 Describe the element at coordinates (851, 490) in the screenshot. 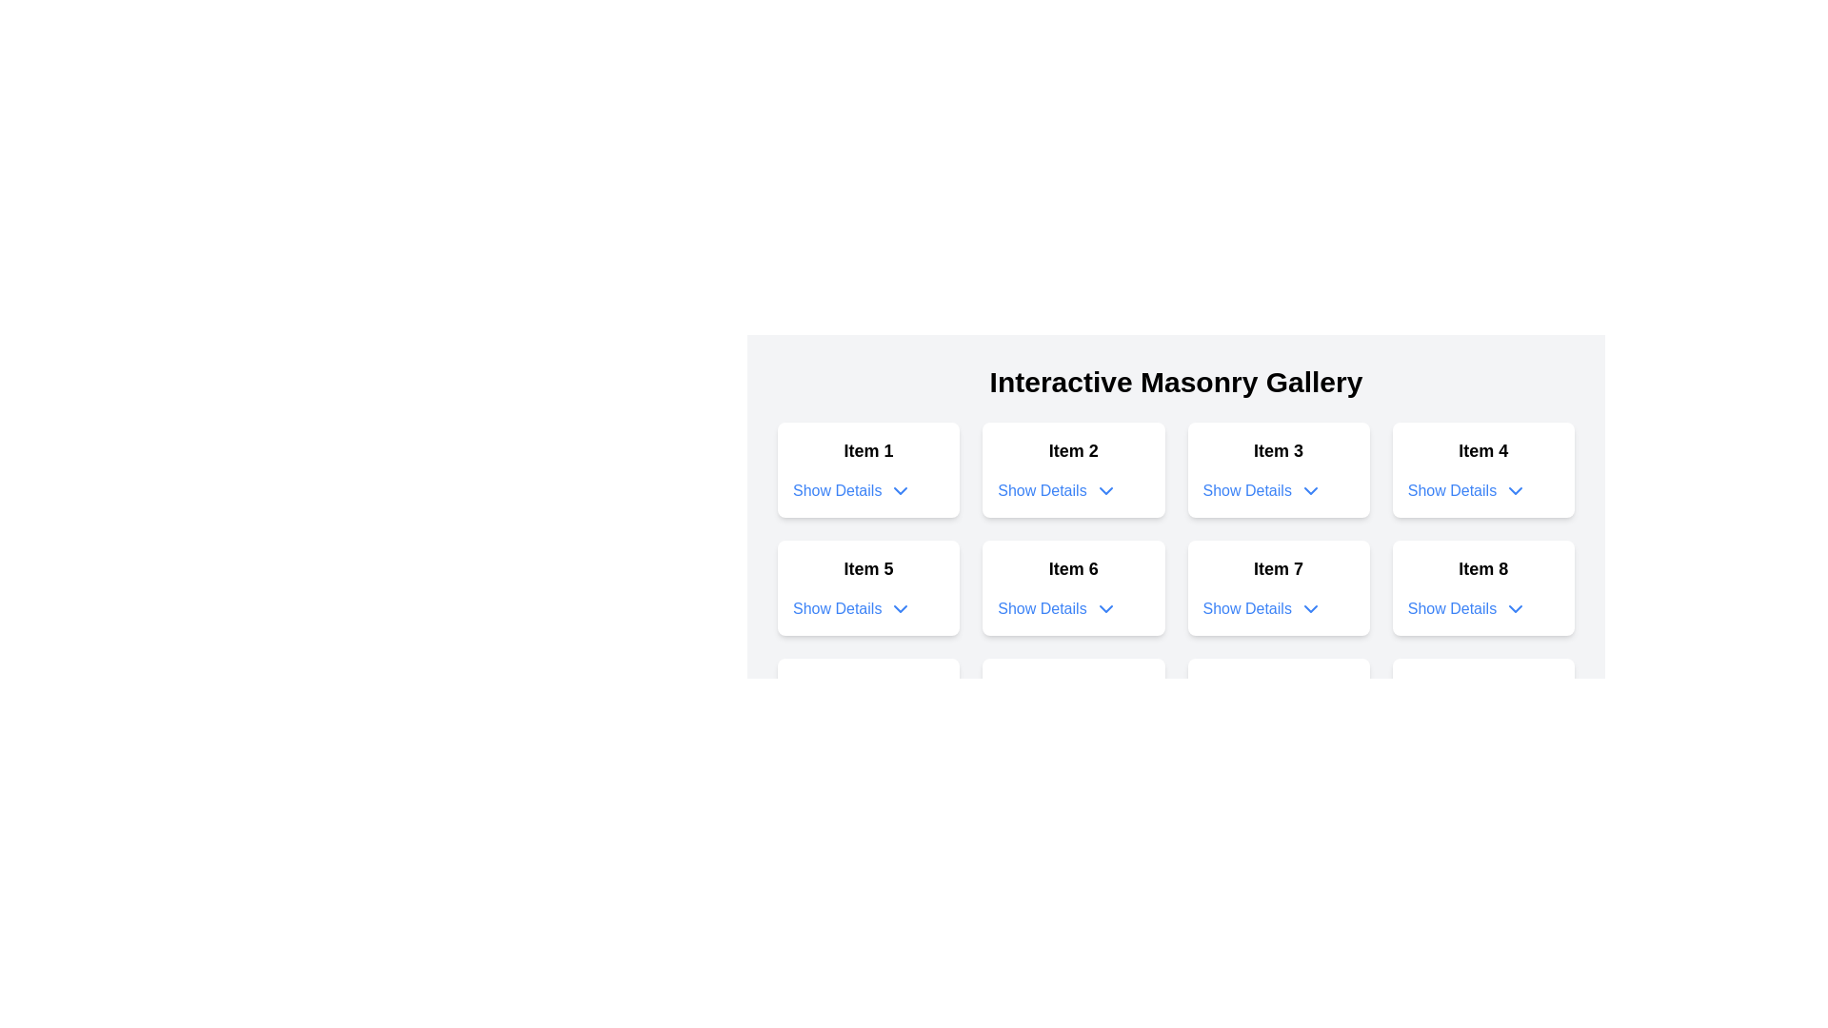

I see `the hyperlink styled with bold blue text displaying 'Show Details' and a downward-facing chevron icon located within the 'Item 1' card` at that location.